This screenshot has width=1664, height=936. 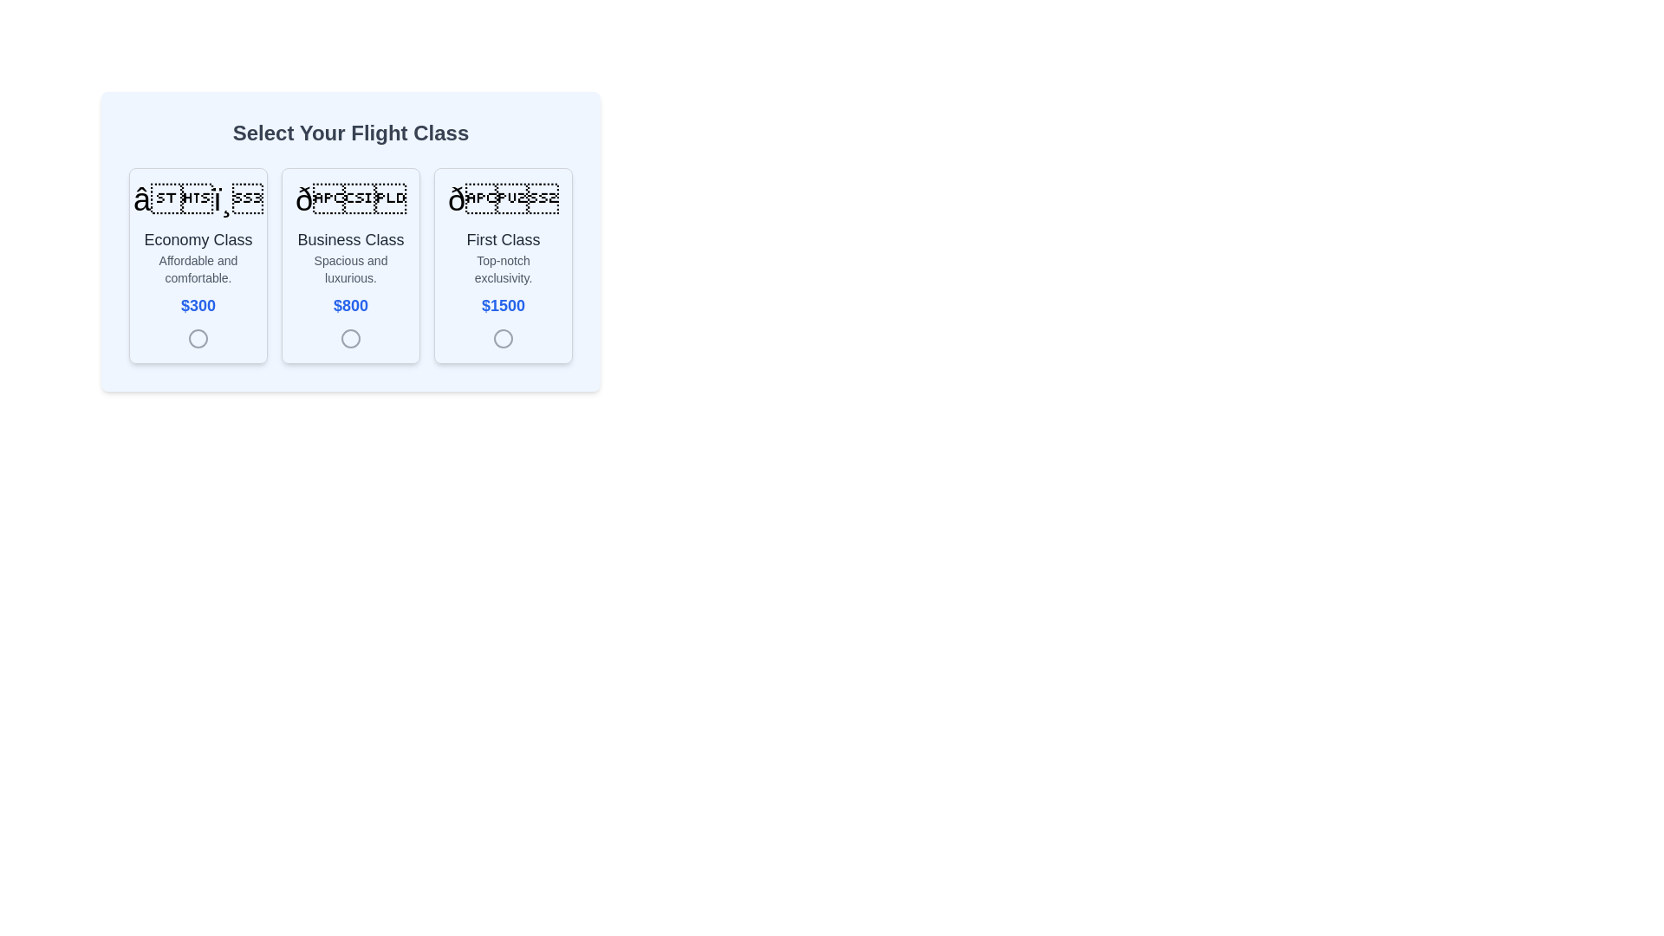 What do you see at coordinates (198, 338) in the screenshot?
I see `the circle button located at the bottom-center of the 'Economy Class' card` at bounding box center [198, 338].